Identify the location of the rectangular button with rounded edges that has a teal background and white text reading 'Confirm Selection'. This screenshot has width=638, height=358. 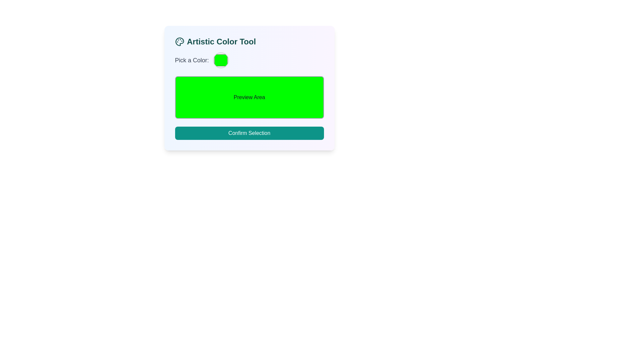
(249, 133).